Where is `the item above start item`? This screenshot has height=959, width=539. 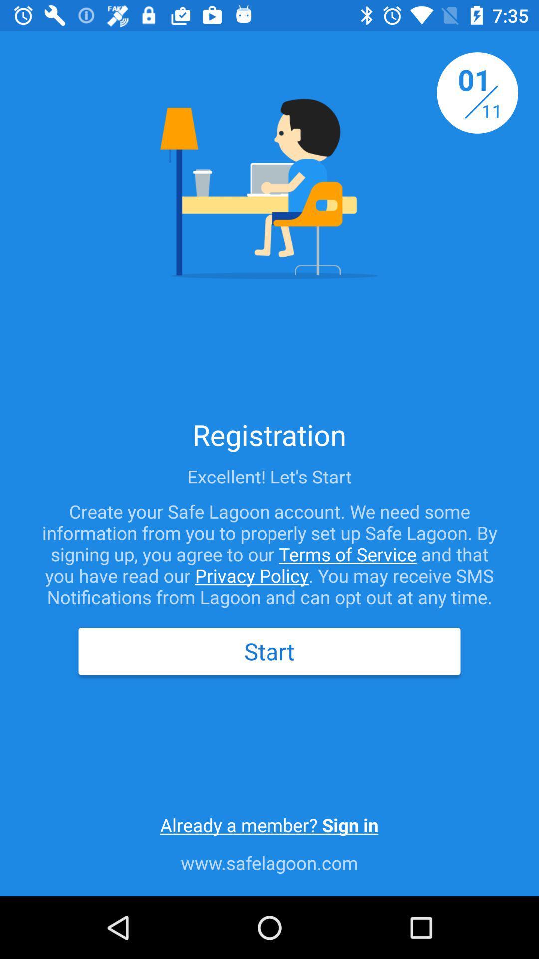
the item above start item is located at coordinates (269, 553).